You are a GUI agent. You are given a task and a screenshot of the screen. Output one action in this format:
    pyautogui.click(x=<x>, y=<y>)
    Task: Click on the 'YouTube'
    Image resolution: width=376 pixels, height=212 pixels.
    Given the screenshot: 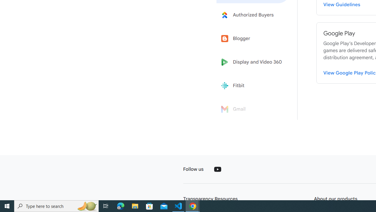 What is the action you would take?
    pyautogui.click(x=217, y=169)
    